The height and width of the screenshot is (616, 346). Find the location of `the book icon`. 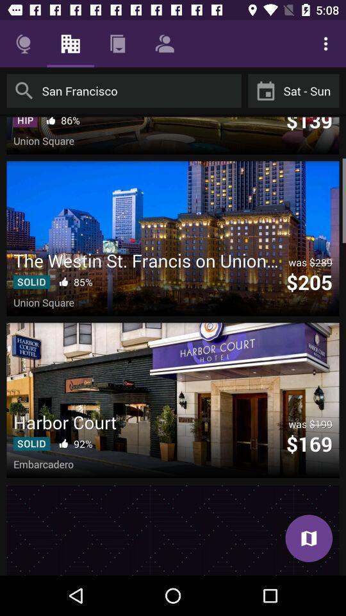

the book icon is located at coordinates (308, 538).